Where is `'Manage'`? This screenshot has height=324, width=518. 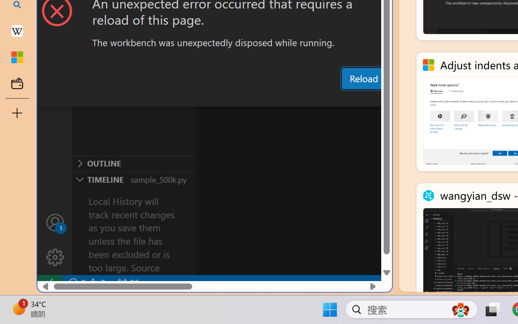
'Manage' is located at coordinates (54, 257).